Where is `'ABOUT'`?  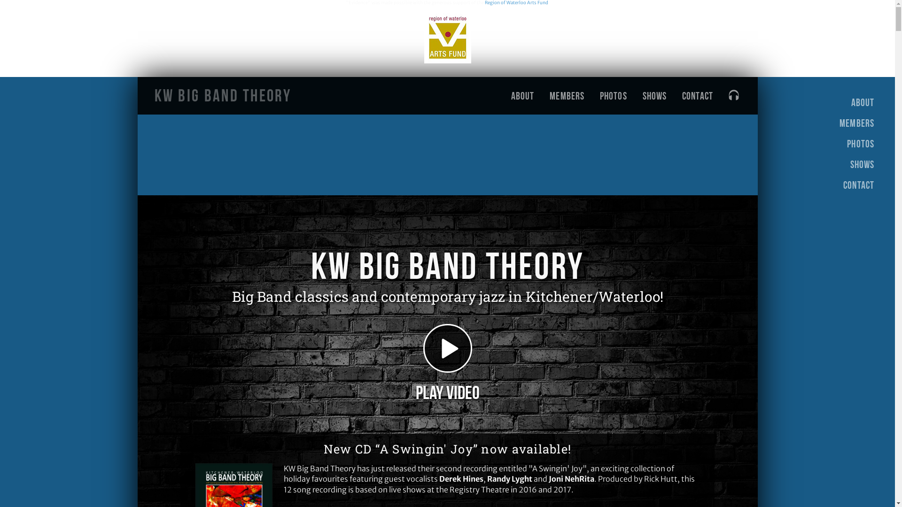 'ABOUT' is located at coordinates (522, 96).